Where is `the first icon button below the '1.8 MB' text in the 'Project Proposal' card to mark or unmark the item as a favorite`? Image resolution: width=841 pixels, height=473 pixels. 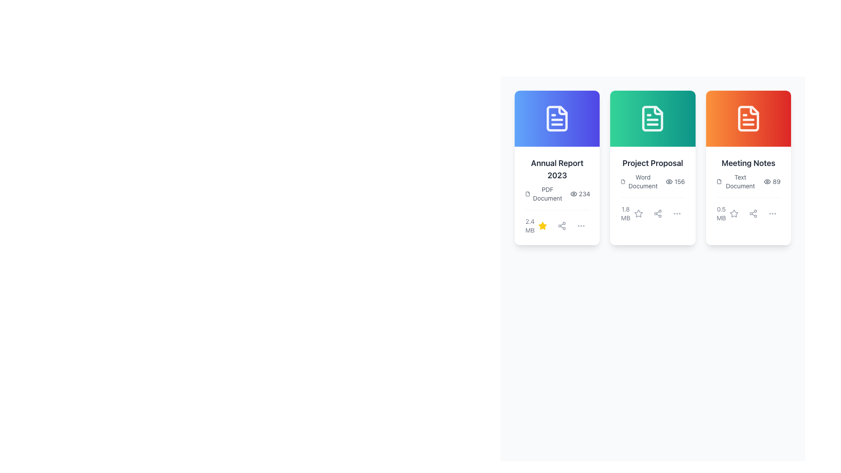 the first icon button below the '1.8 MB' text in the 'Project Proposal' card to mark or unmark the item as a favorite is located at coordinates (638, 214).